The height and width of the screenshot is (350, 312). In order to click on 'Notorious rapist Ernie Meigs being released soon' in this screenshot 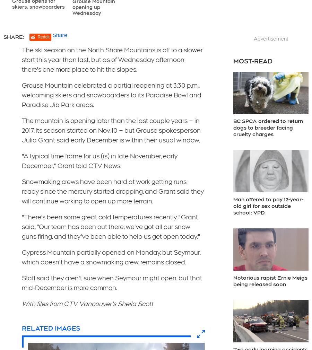, I will do `click(270, 281)`.